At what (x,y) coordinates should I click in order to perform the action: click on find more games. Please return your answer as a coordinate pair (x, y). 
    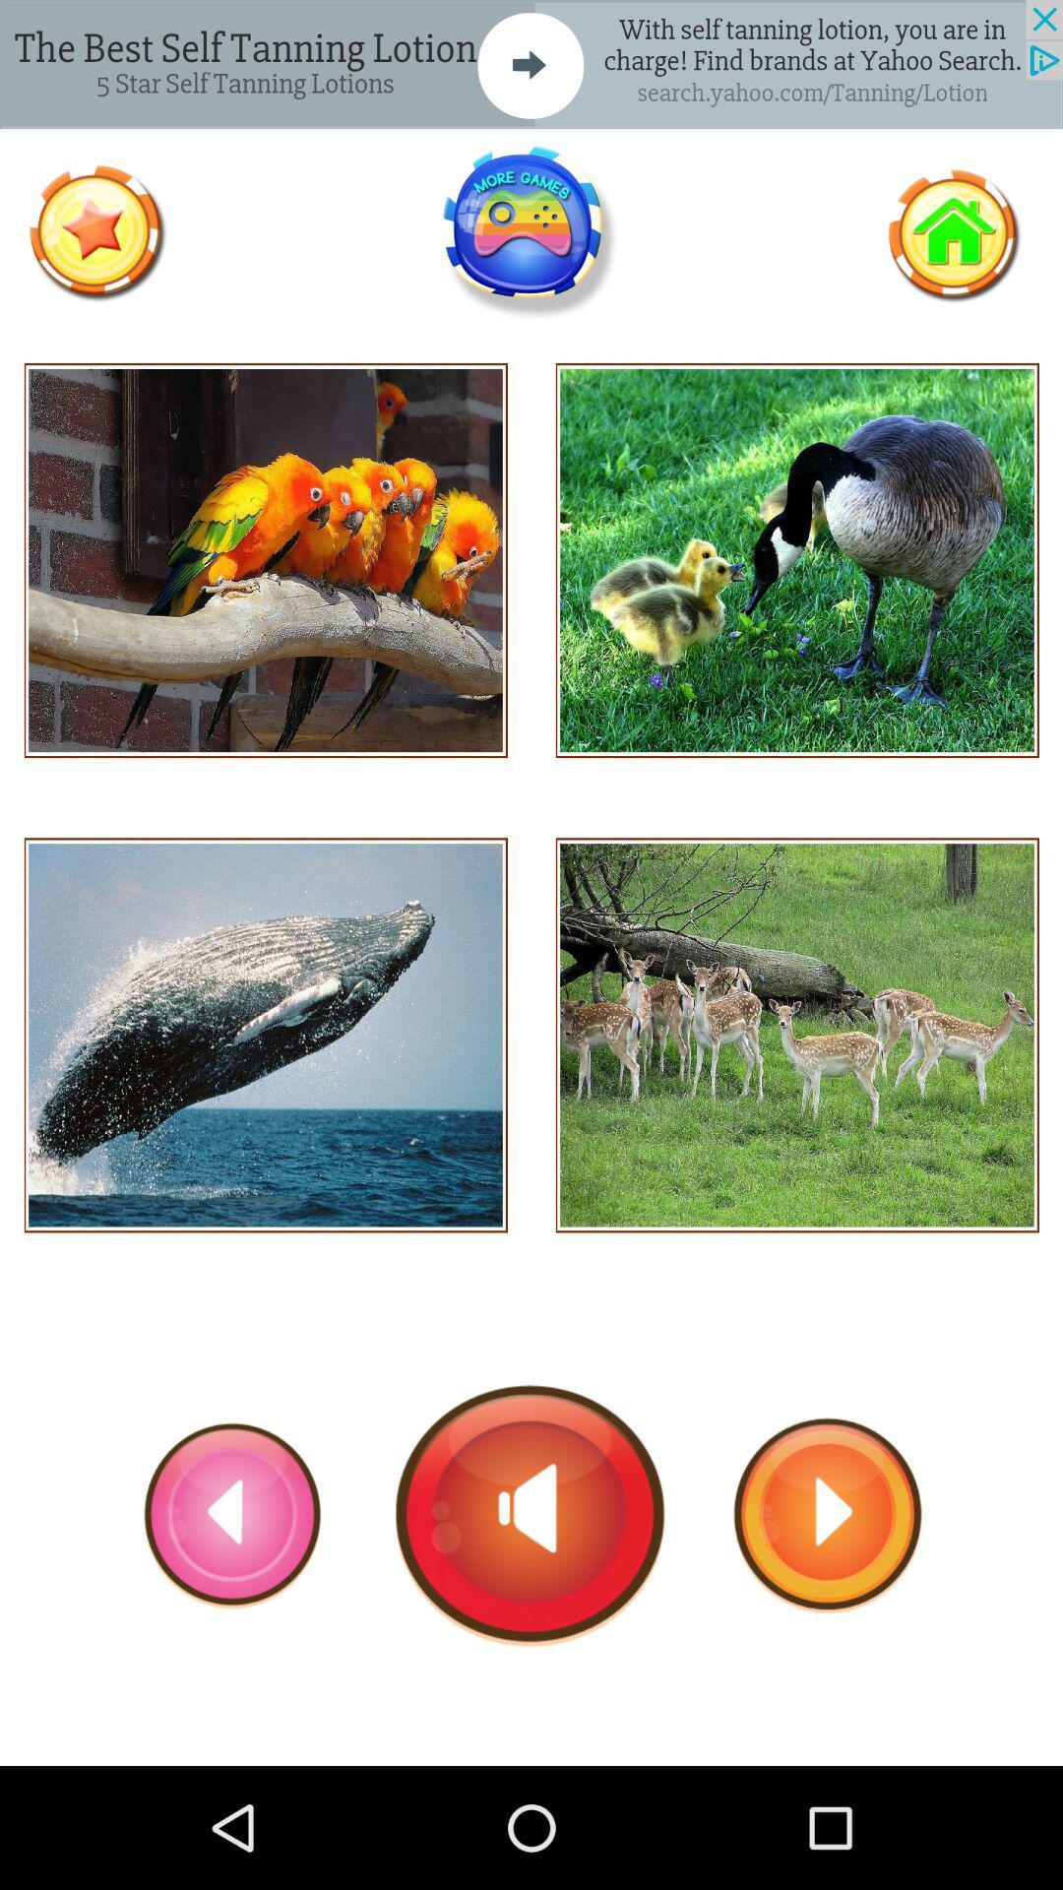
    Looking at the image, I should click on (530, 232).